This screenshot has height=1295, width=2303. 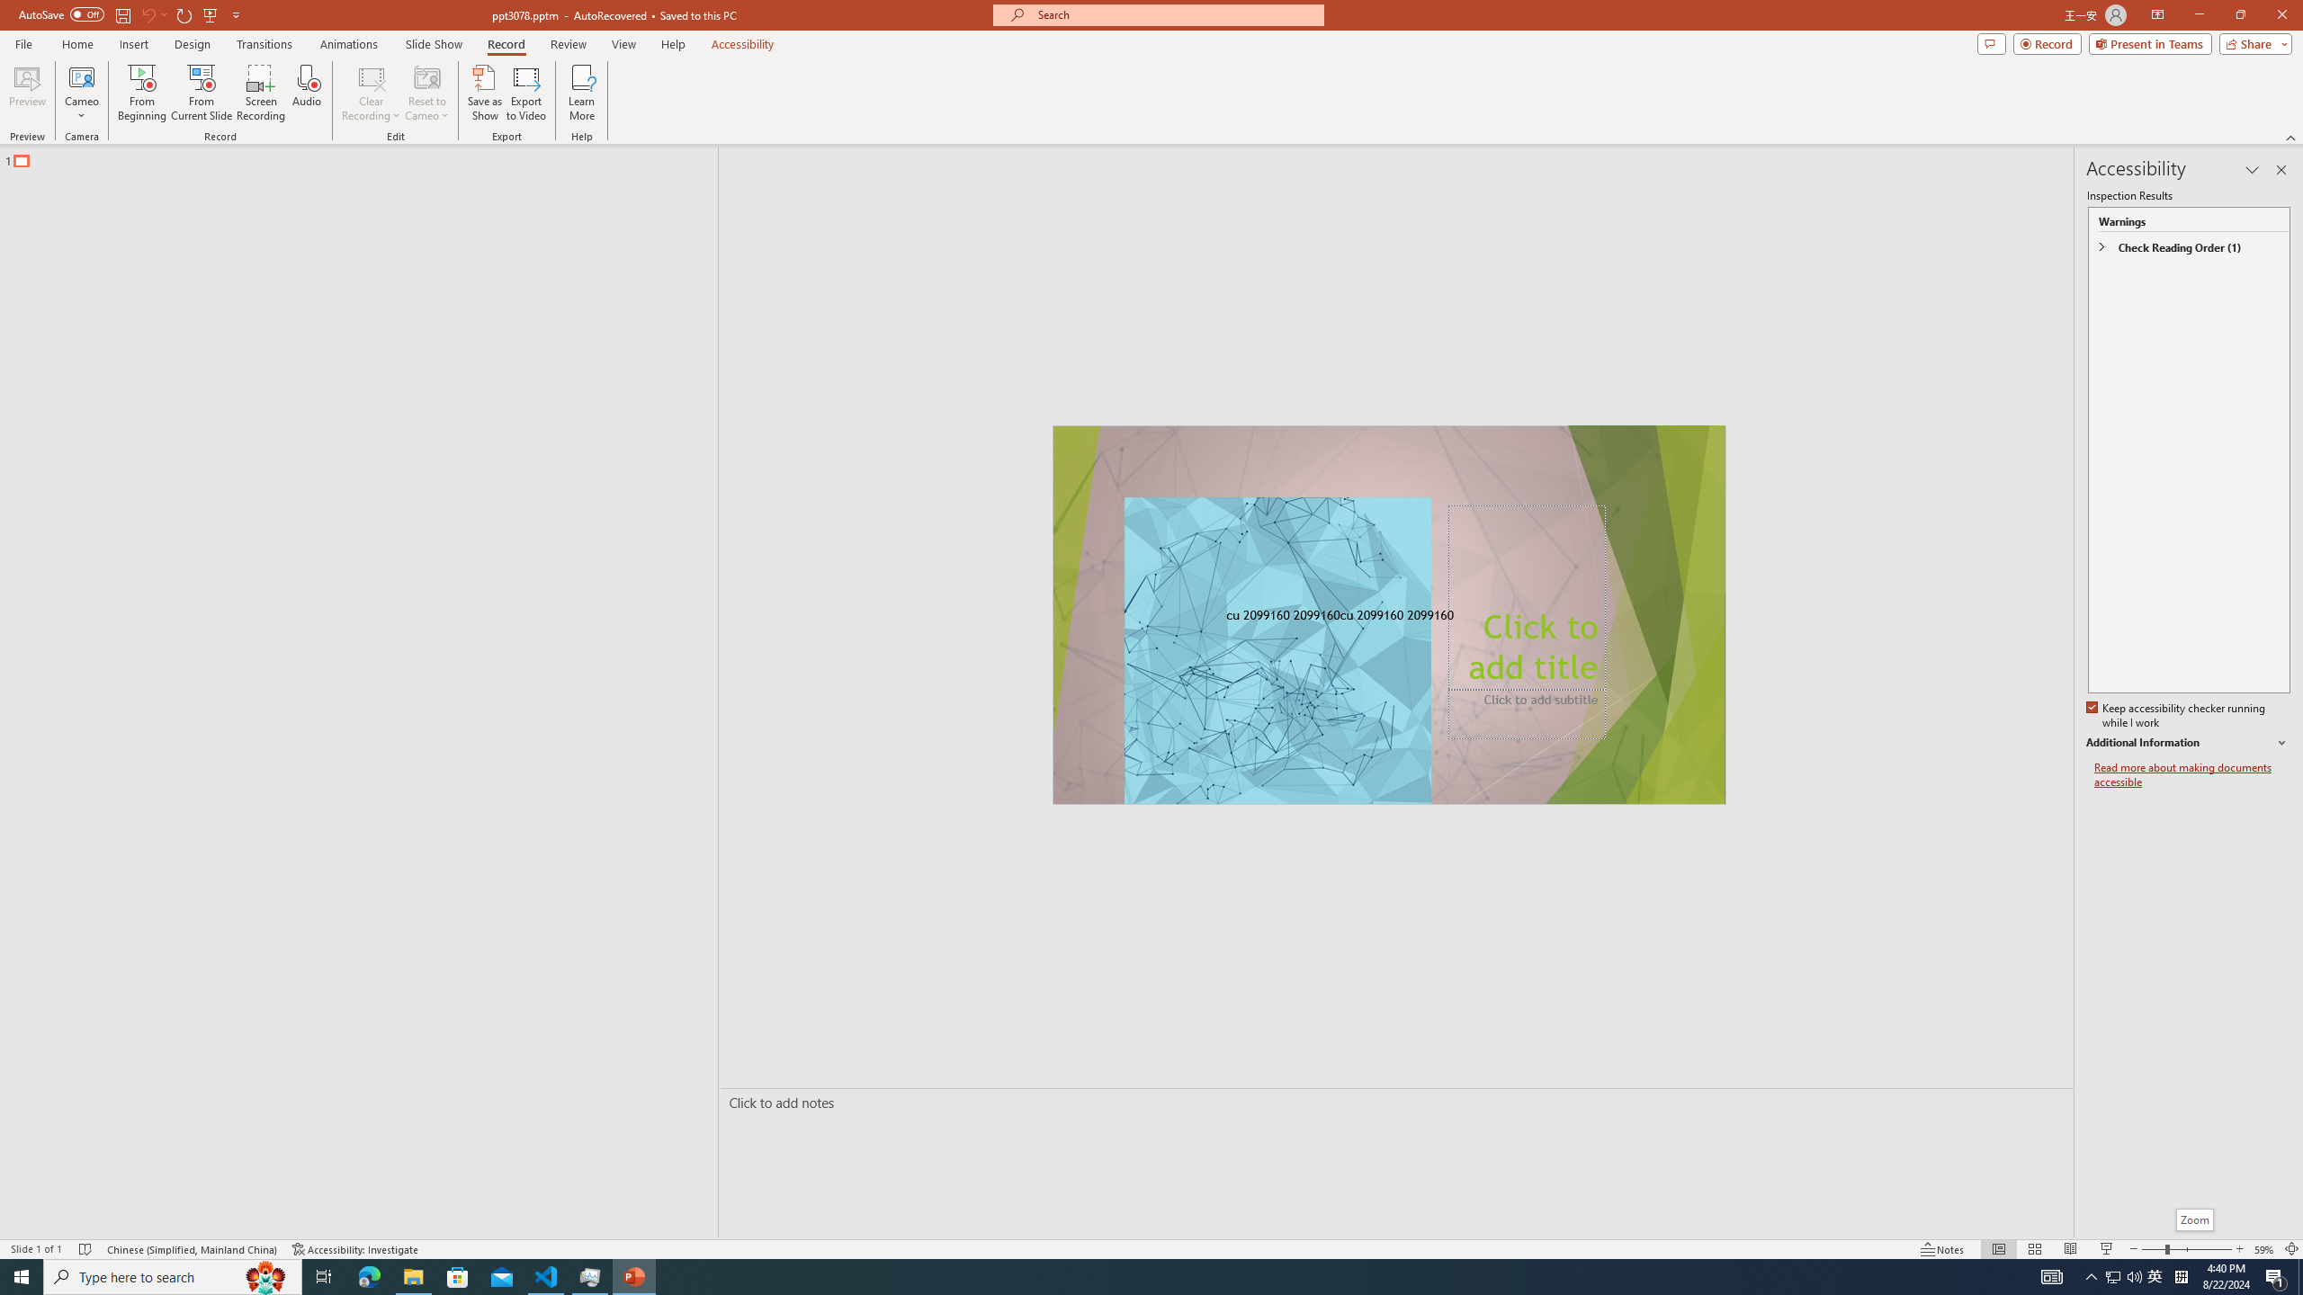 What do you see at coordinates (1387, 614) in the screenshot?
I see `'An abstract genetic concept'` at bounding box center [1387, 614].